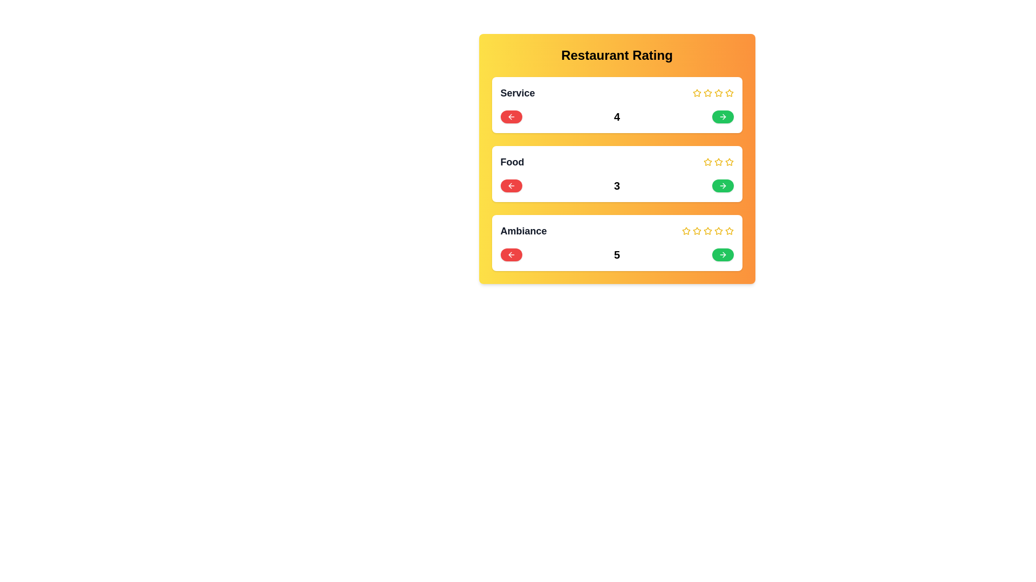 This screenshot has width=1036, height=582. Describe the element at coordinates (707, 230) in the screenshot. I see `the second star icon in the 'Ambiance' rating row` at that location.